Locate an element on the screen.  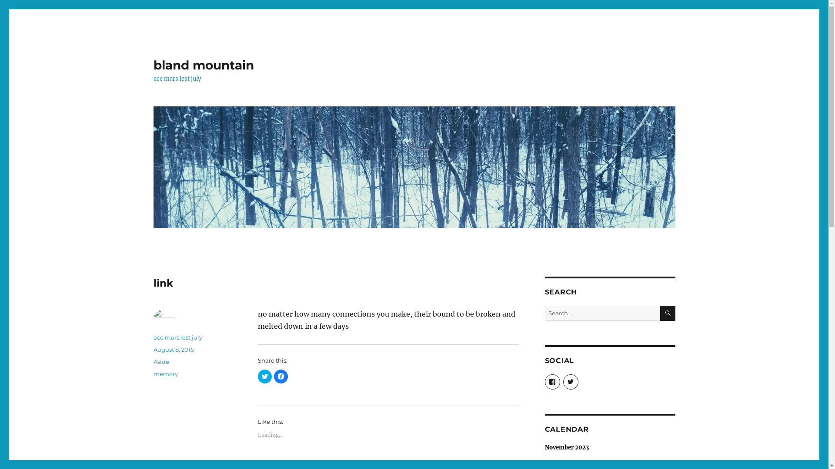
'Click to share on Twitter (Opens in new window)' is located at coordinates (264, 376).